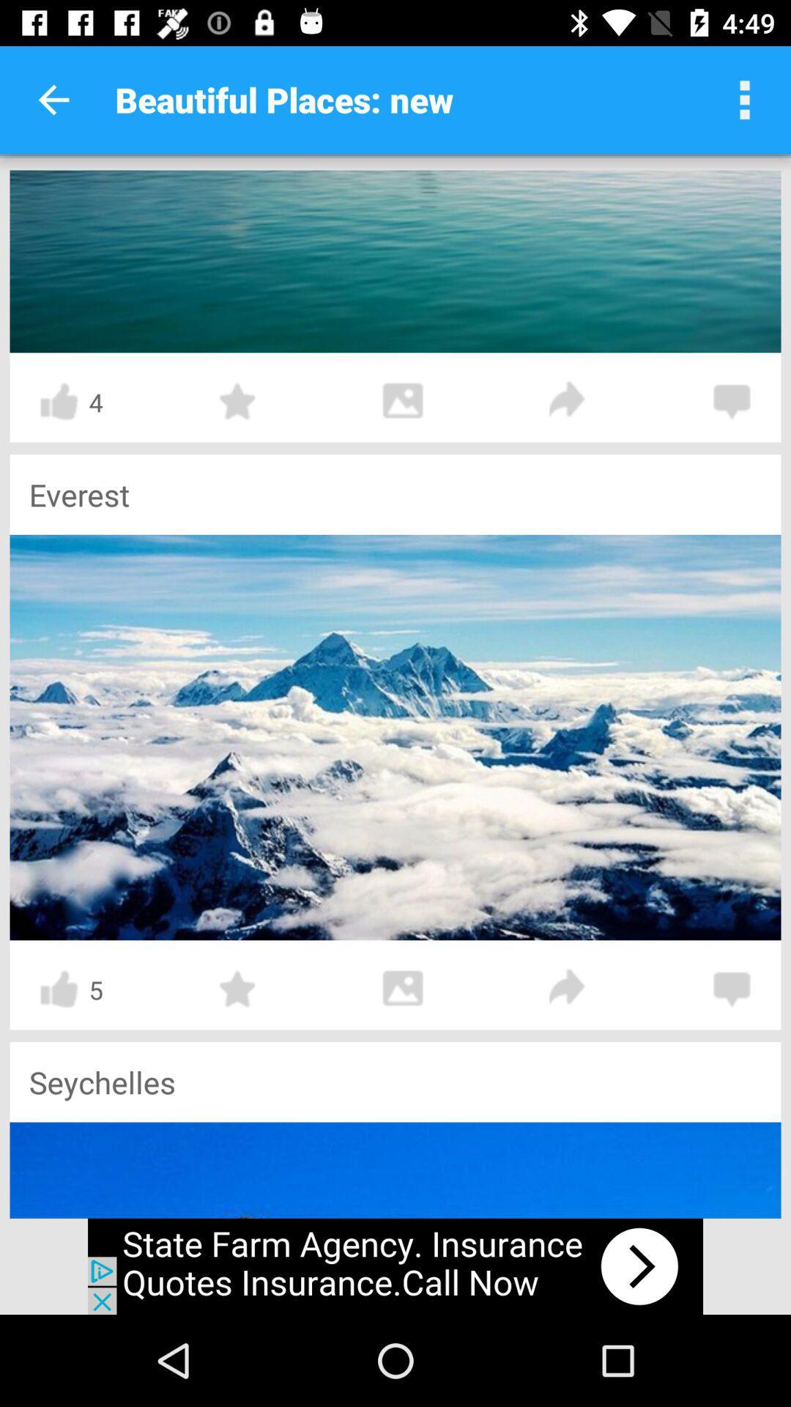  Describe the element at coordinates (567, 402) in the screenshot. I see `front` at that location.